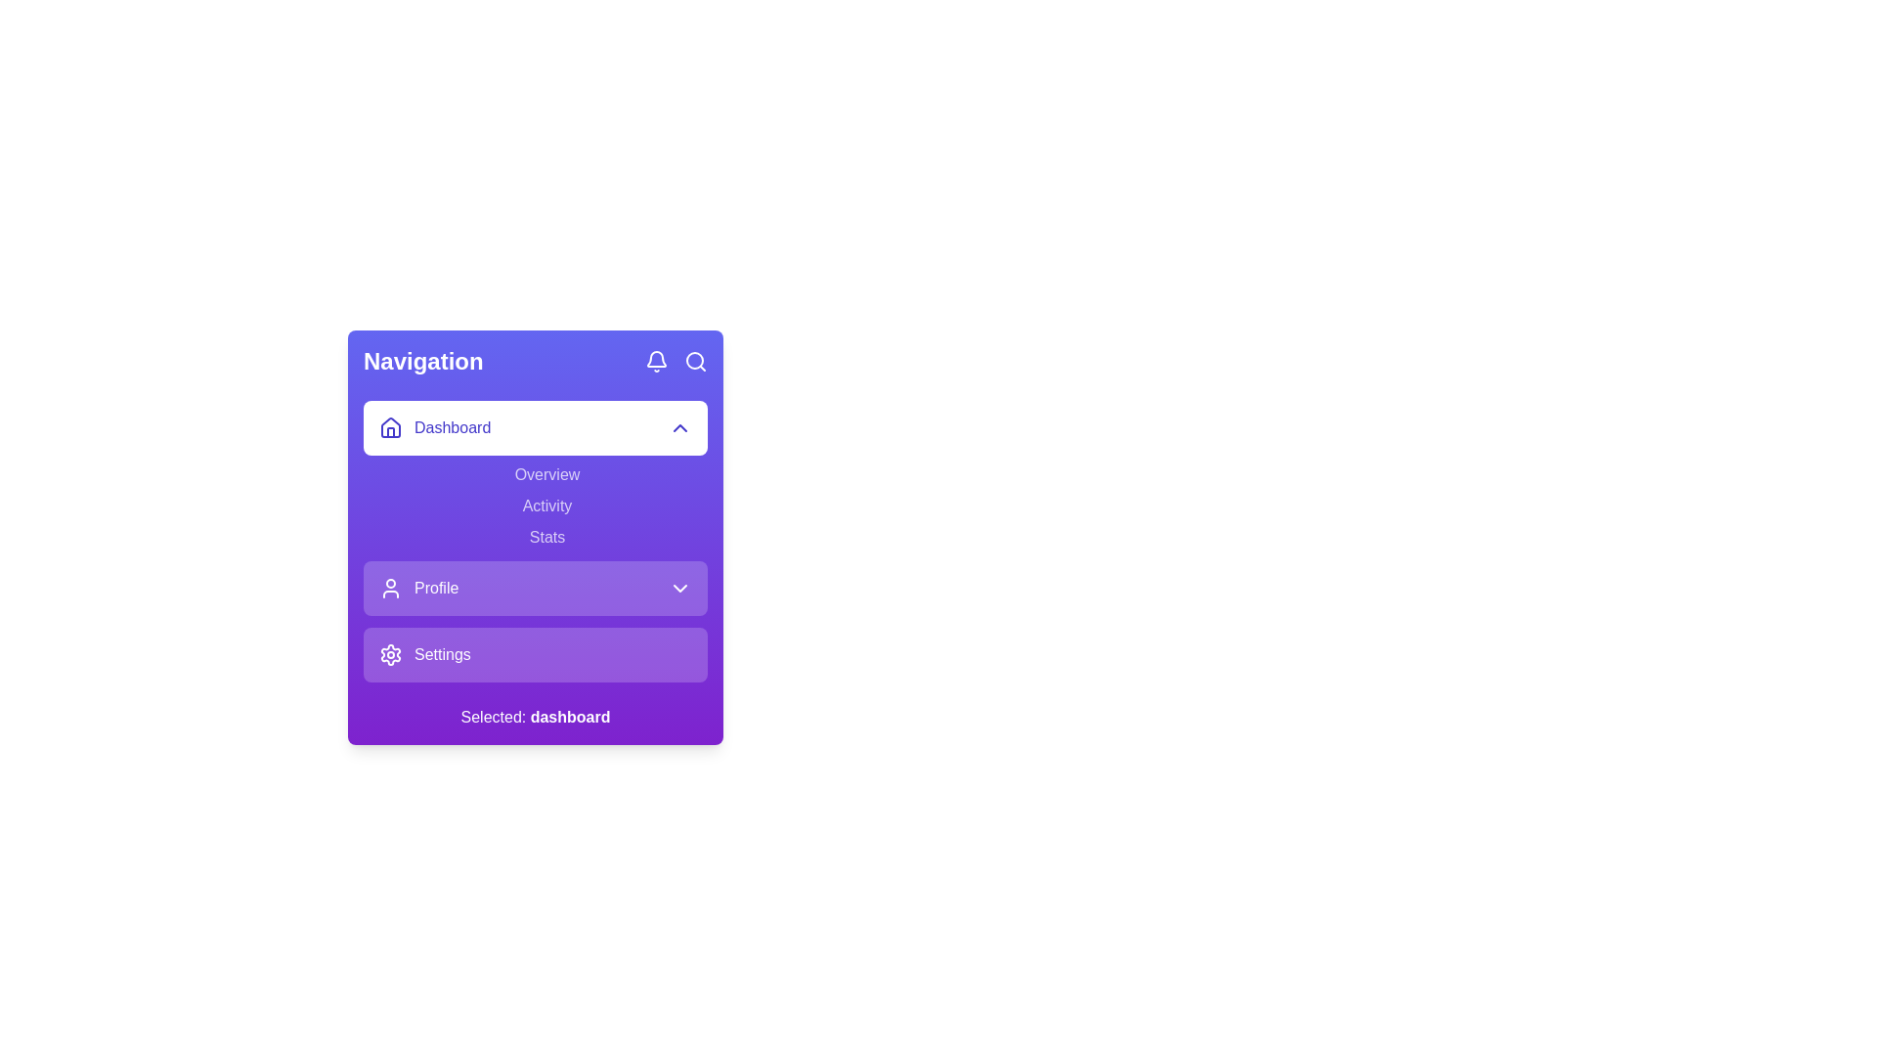 Image resolution: width=1877 pixels, height=1056 pixels. What do you see at coordinates (390, 655) in the screenshot?
I see `the settings icon located in the navigation sidebar, which is positioned to the left of the text 'Settings'` at bounding box center [390, 655].